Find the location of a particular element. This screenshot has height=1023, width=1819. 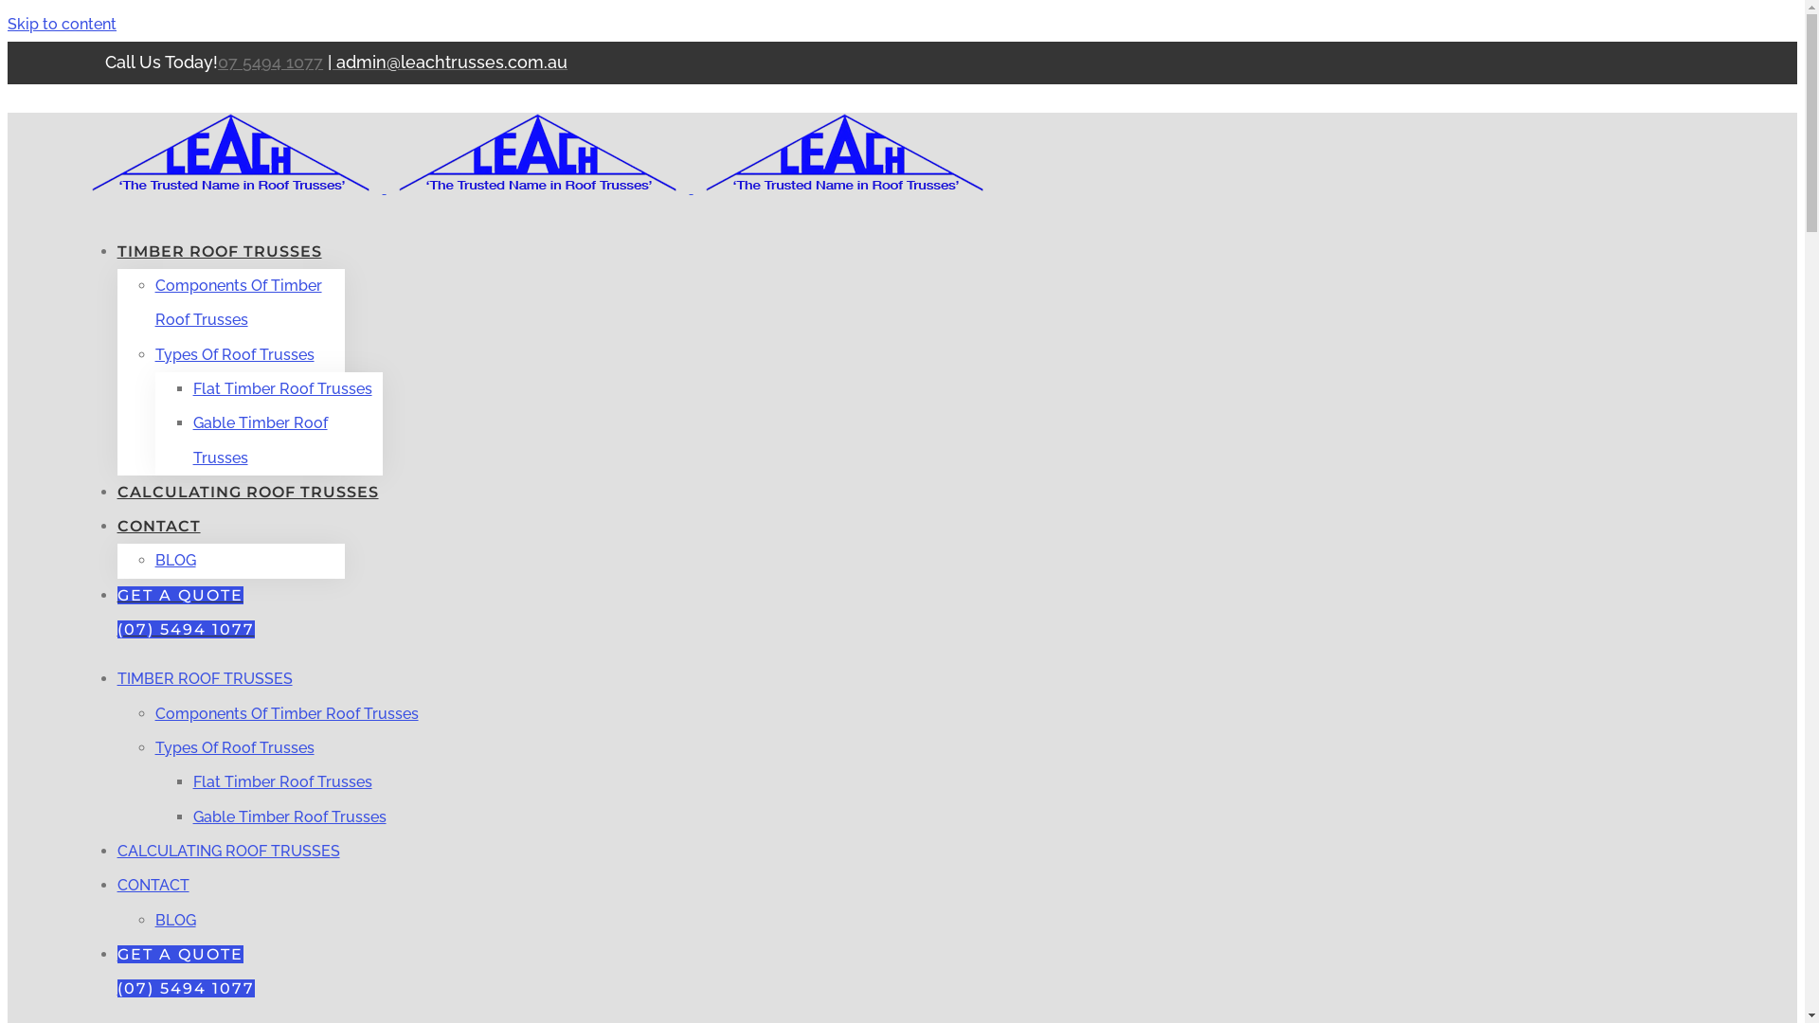

'TIMBER ROOF TRUSSES' is located at coordinates (205, 677).